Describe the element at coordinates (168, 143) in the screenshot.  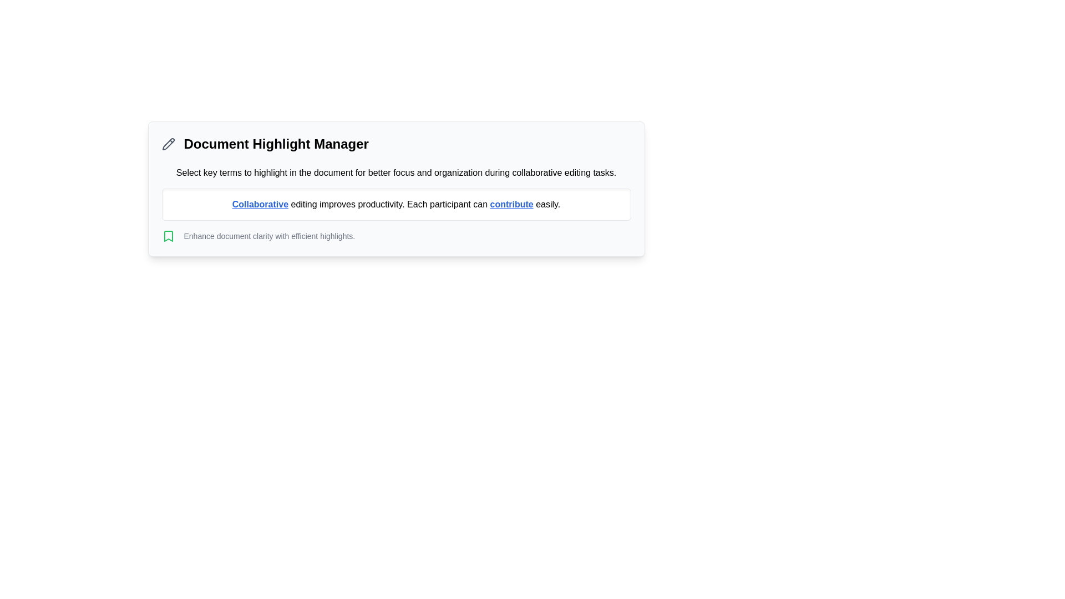
I see `the gray pencil icon styled in SVG, located to the left of the 'Document Highlight Manager' text, for possible action` at that location.